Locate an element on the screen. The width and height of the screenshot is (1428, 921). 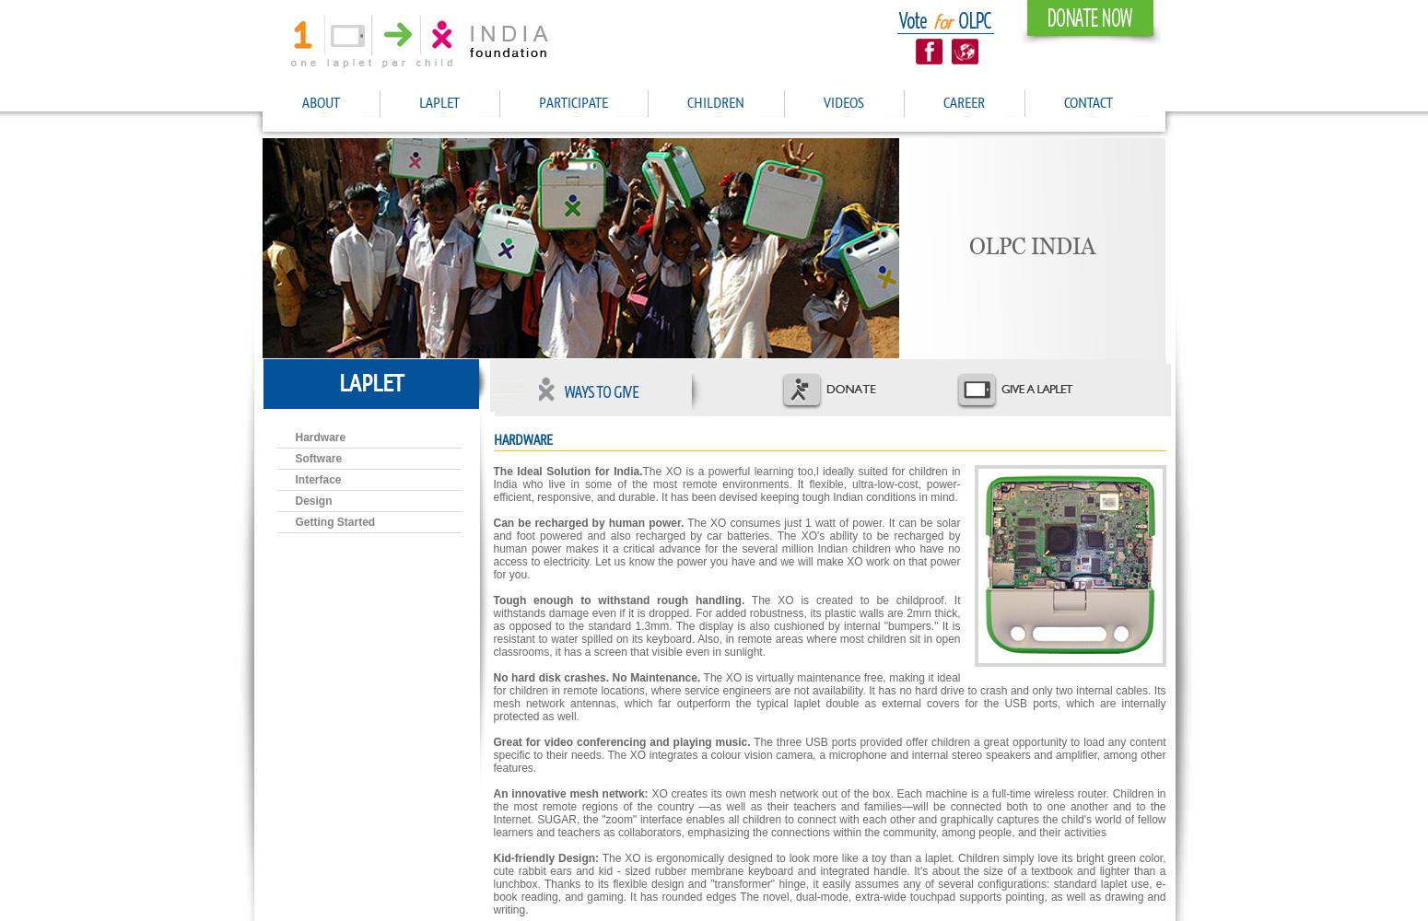
'hardware' is located at coordinates (521, 439).